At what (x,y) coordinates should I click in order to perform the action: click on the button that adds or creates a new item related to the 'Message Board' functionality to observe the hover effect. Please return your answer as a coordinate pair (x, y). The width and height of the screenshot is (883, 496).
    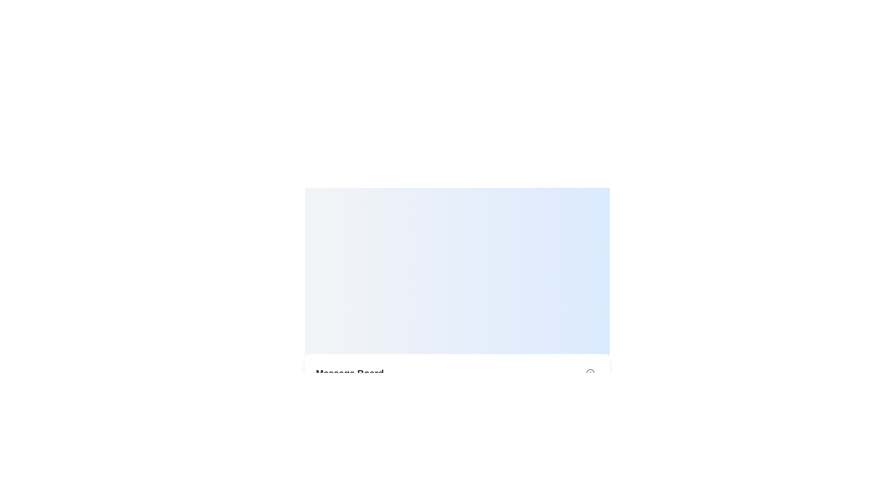
    Looking at the image, I should click on (590, 373).